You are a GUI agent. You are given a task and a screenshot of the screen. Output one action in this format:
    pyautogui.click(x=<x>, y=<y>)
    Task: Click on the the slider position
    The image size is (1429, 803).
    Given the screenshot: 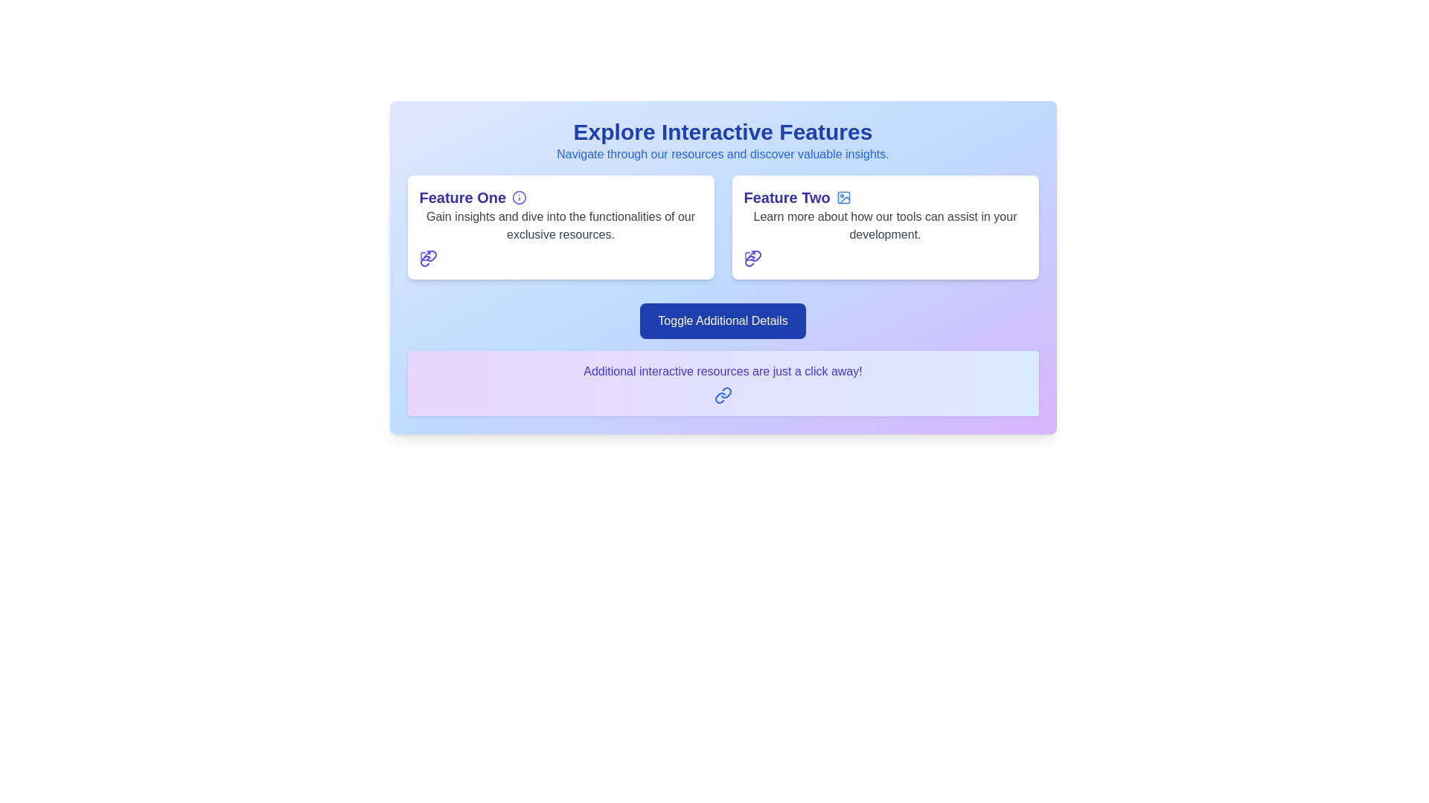 What is the action you would take?
    pyautogui.click(x=438, y=303)
    